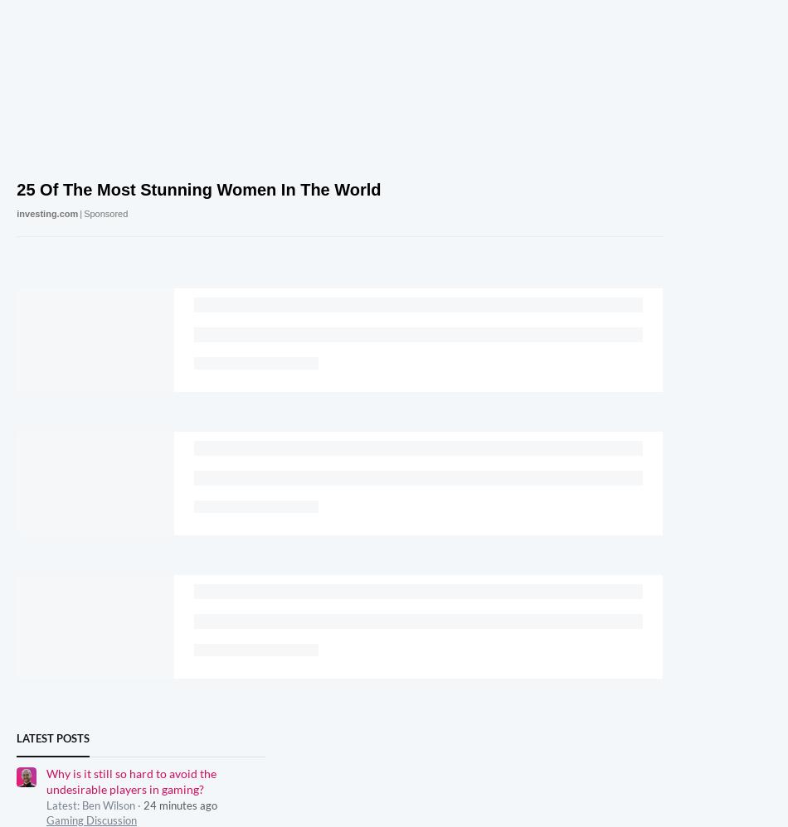 Image resolution: width=788 pixels, height=827 pixels. Describe the element at coordinates (330, 631) in the screenshot. I see `'All rights reserved. England and Wales company registration number 2008885.'` at that location.